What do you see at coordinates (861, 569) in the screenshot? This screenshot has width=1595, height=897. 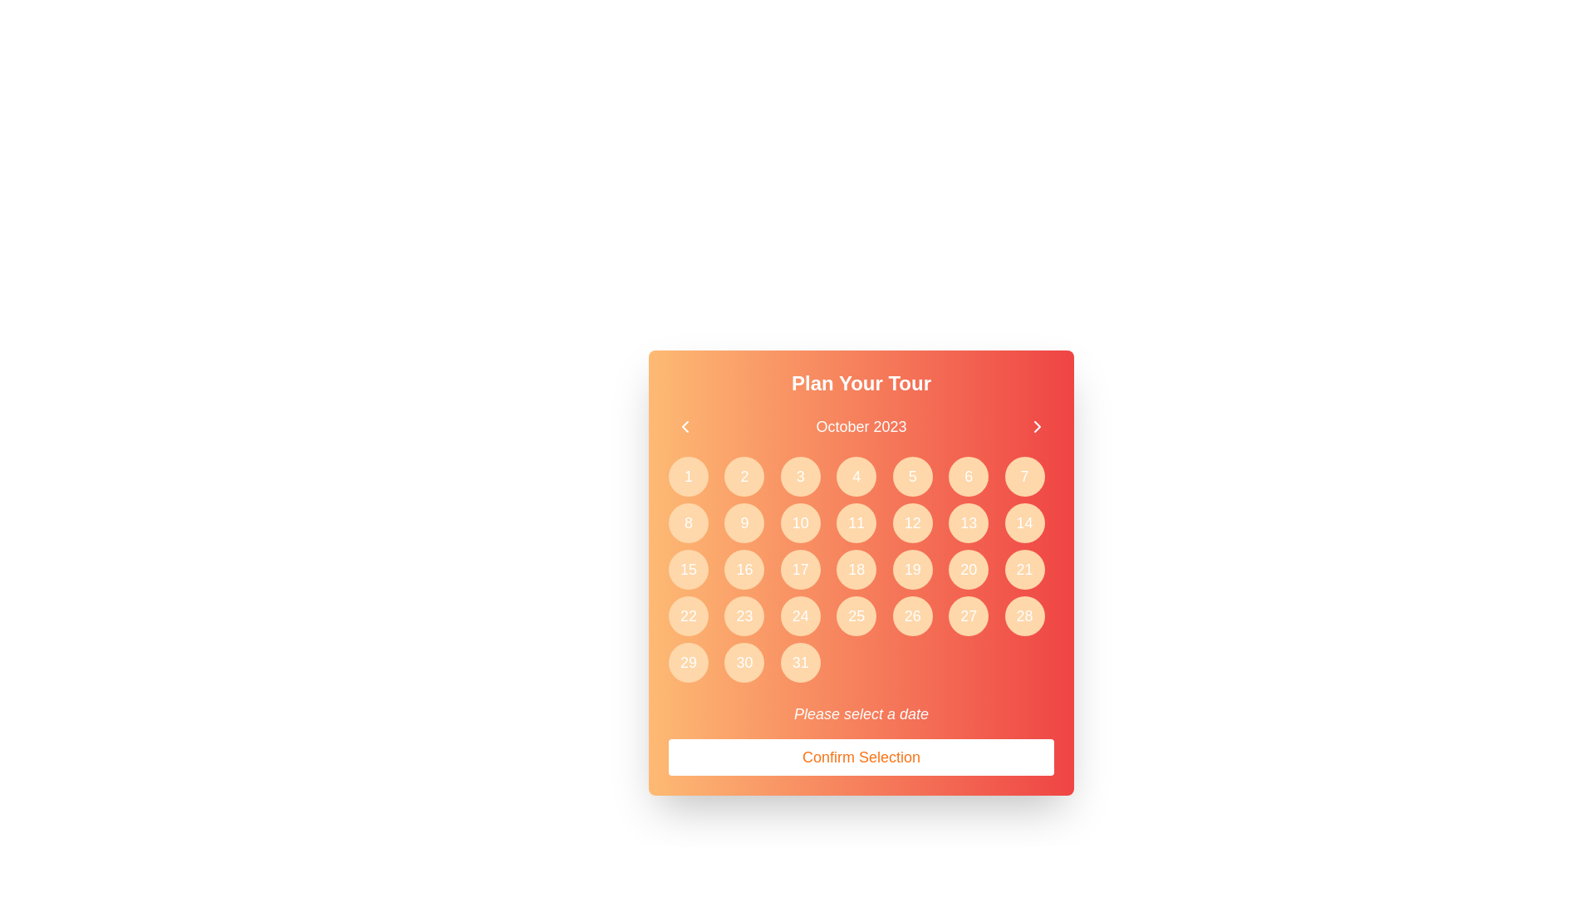 I see `the date selector grid located below the 'October 2023' month indicator` at bounding box center [861, 569].